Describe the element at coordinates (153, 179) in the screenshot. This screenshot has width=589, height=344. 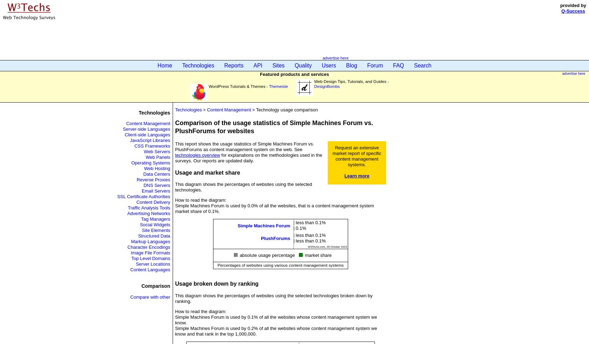
I see `'Reverse Proxies'` at that location.